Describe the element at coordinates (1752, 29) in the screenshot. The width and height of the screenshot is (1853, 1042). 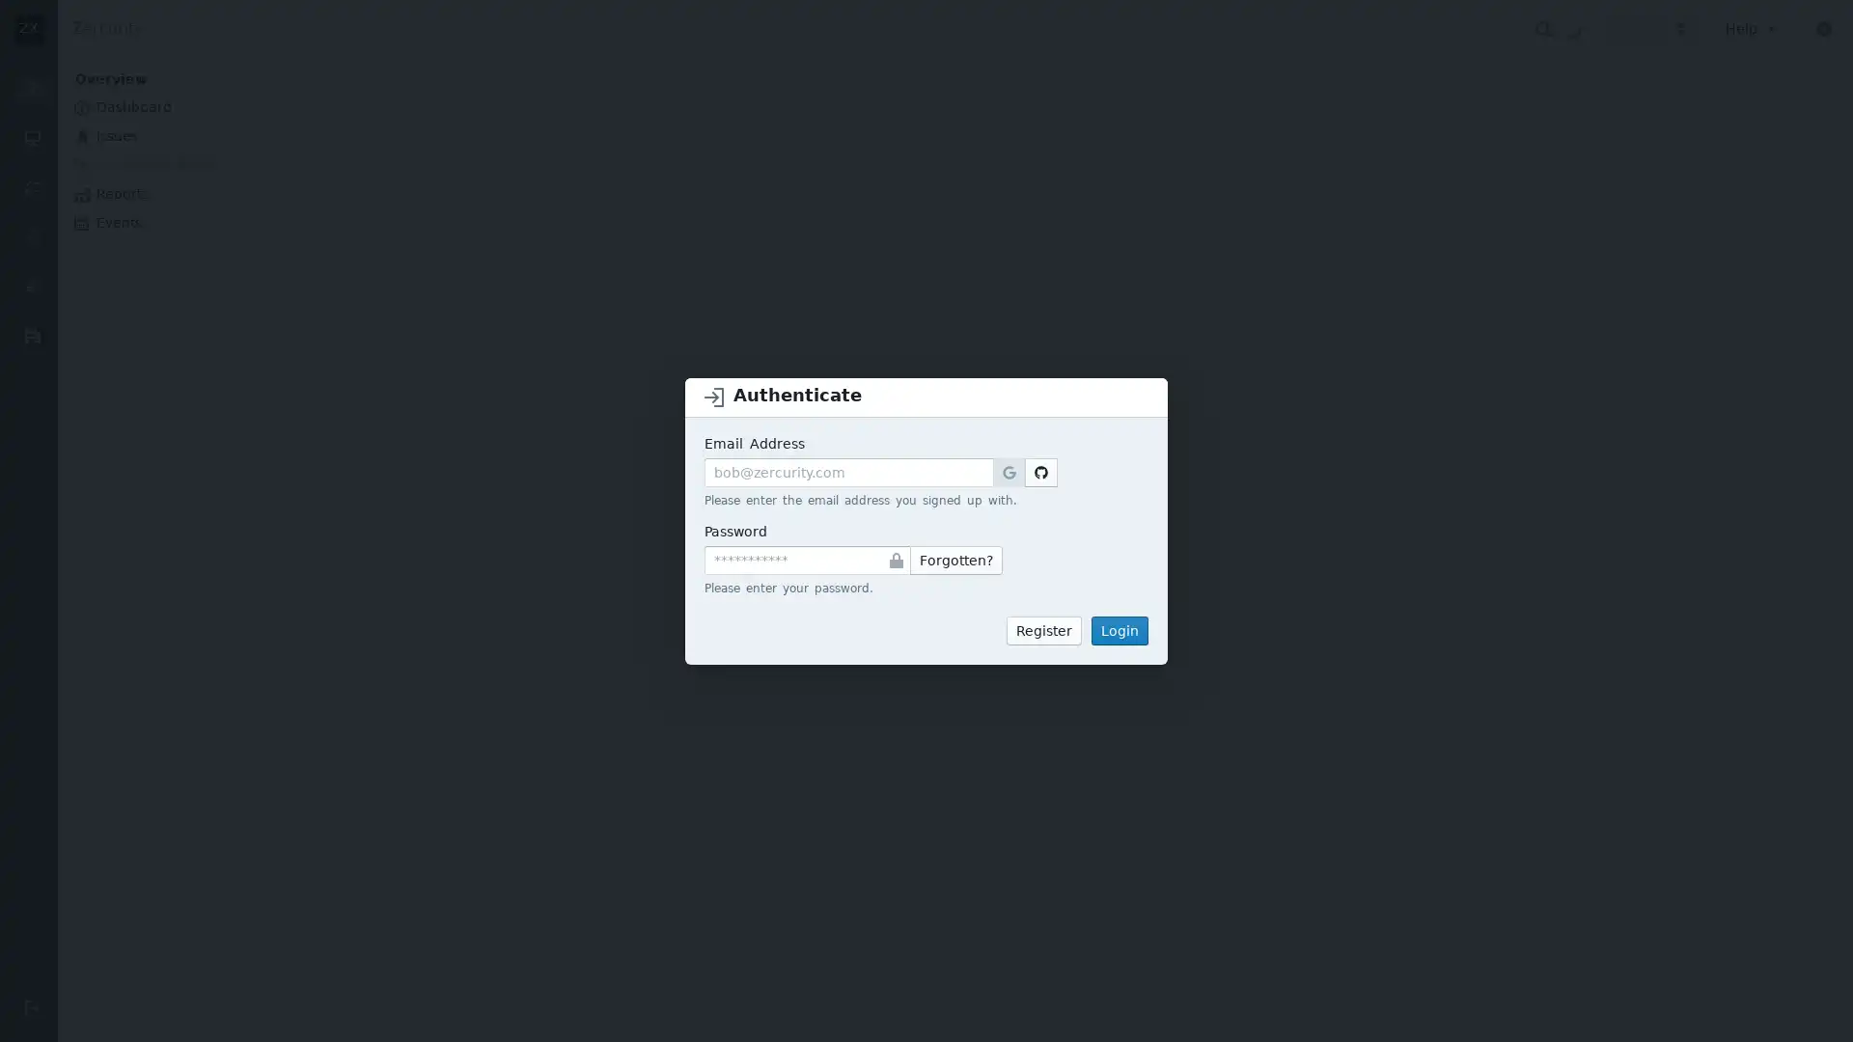
I see `Help` at that location.